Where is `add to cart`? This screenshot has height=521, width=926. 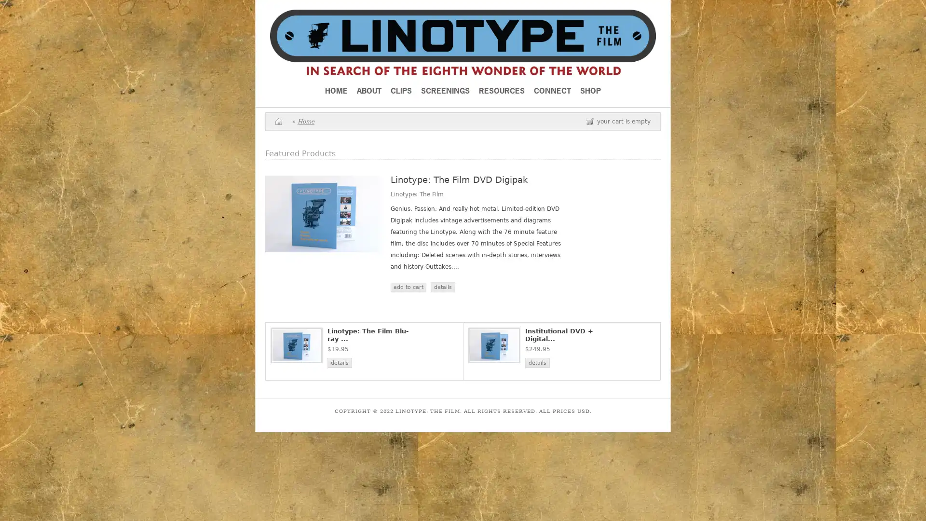
add to cart is located at coordinates (408, 286).